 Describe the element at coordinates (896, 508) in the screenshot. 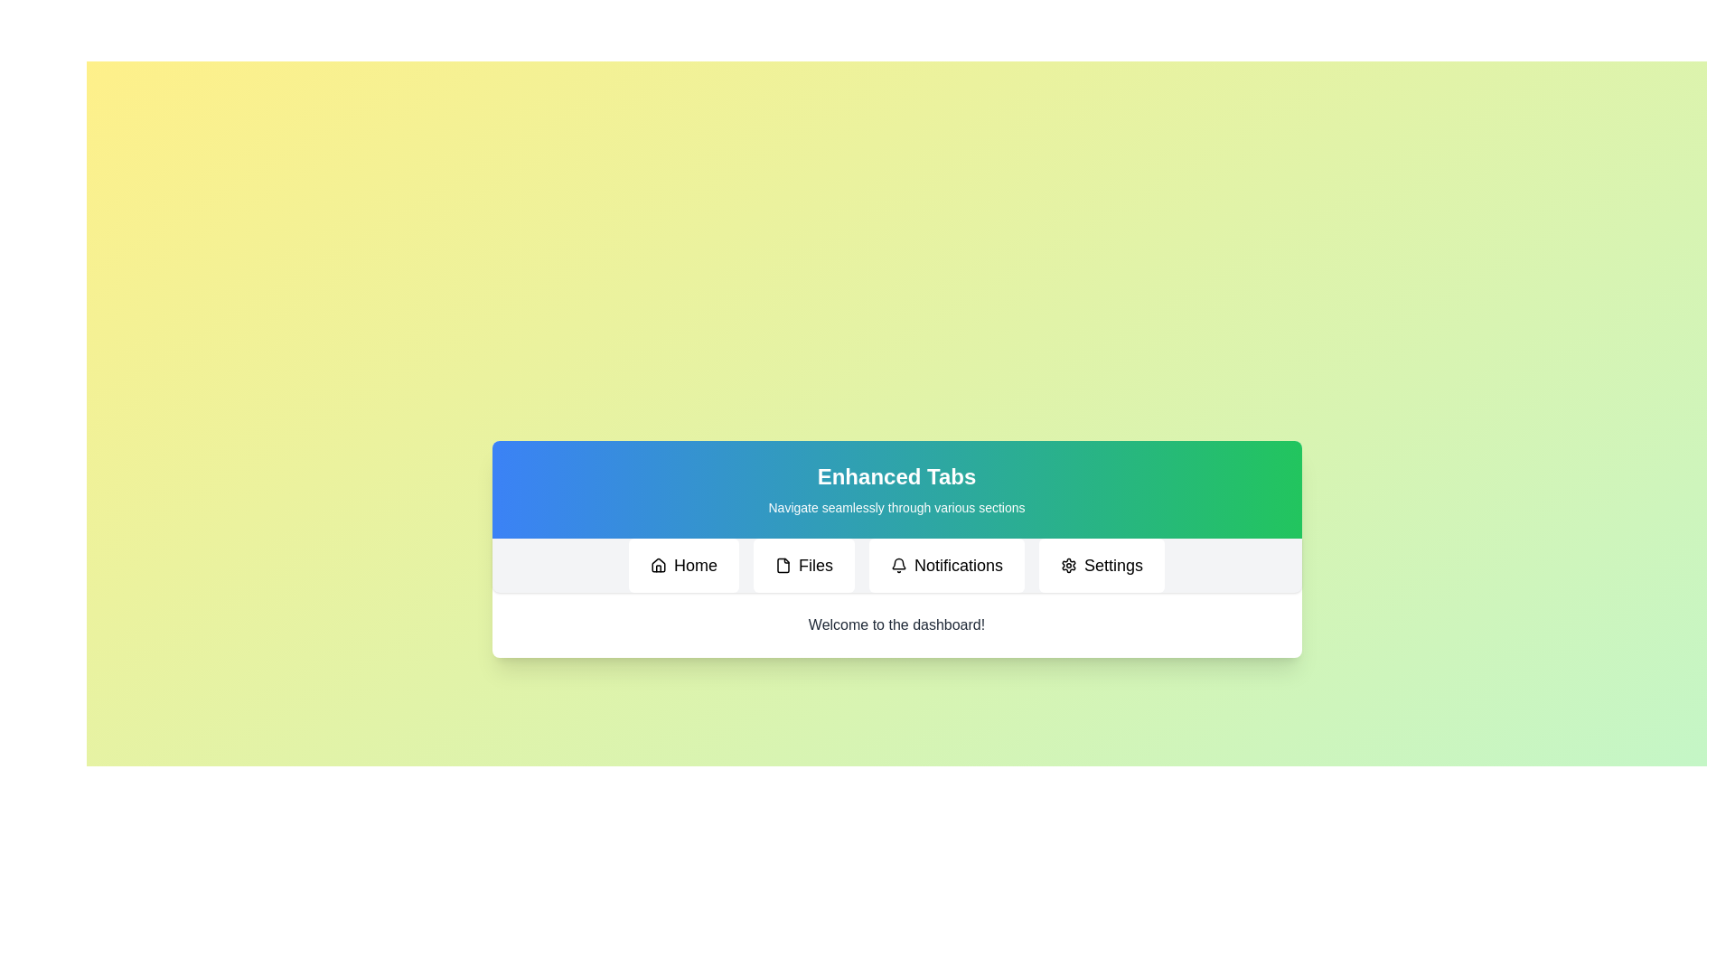

I see `information displayed in the text component that contains the phrase 'Navigate seamlessly through various sections', located beneath the 'Enhanced Tabs' header` at that location.